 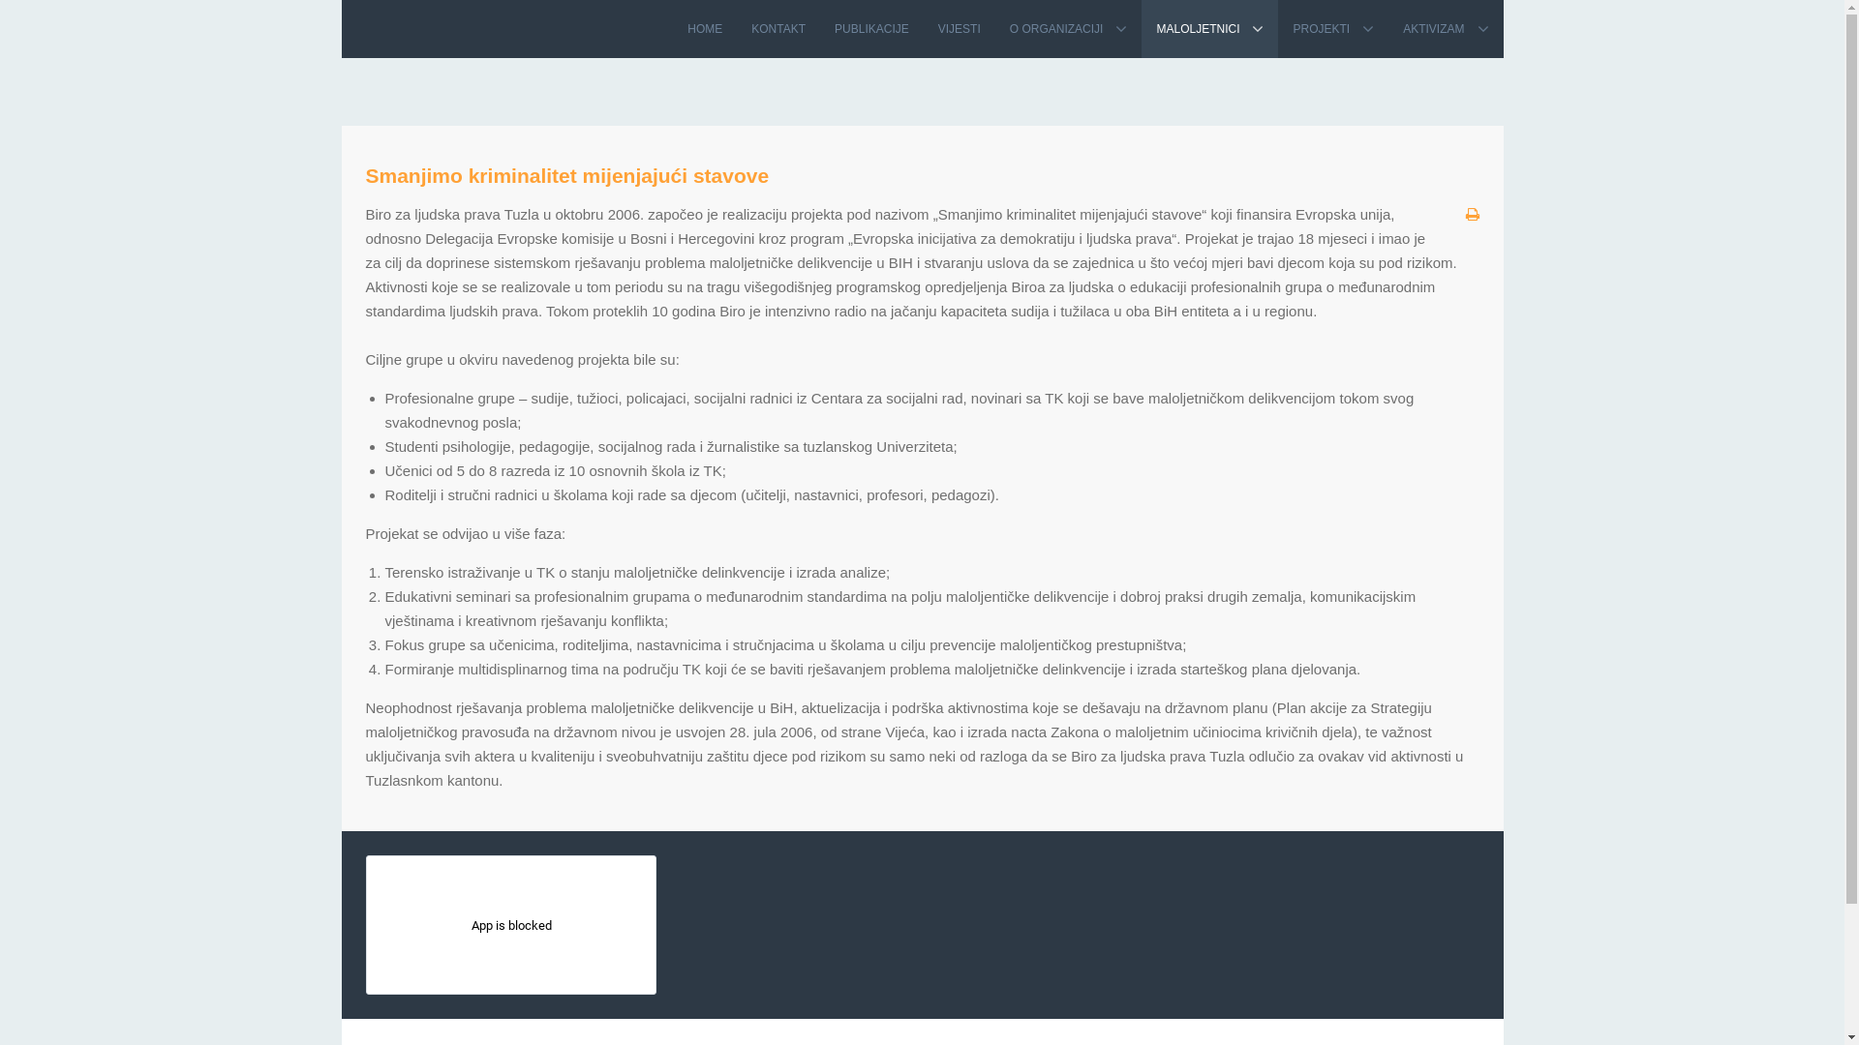 I want to click on 'HOME', so click(x=704, y=29).